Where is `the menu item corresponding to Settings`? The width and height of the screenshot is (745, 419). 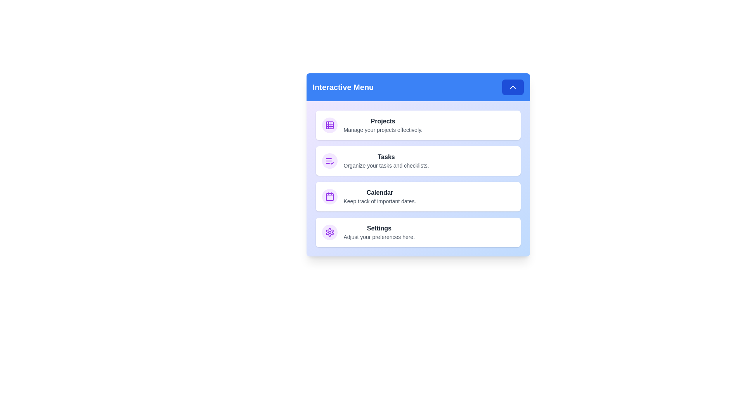
the menu item corresponding to Settings is located at coordinates (418, 232).